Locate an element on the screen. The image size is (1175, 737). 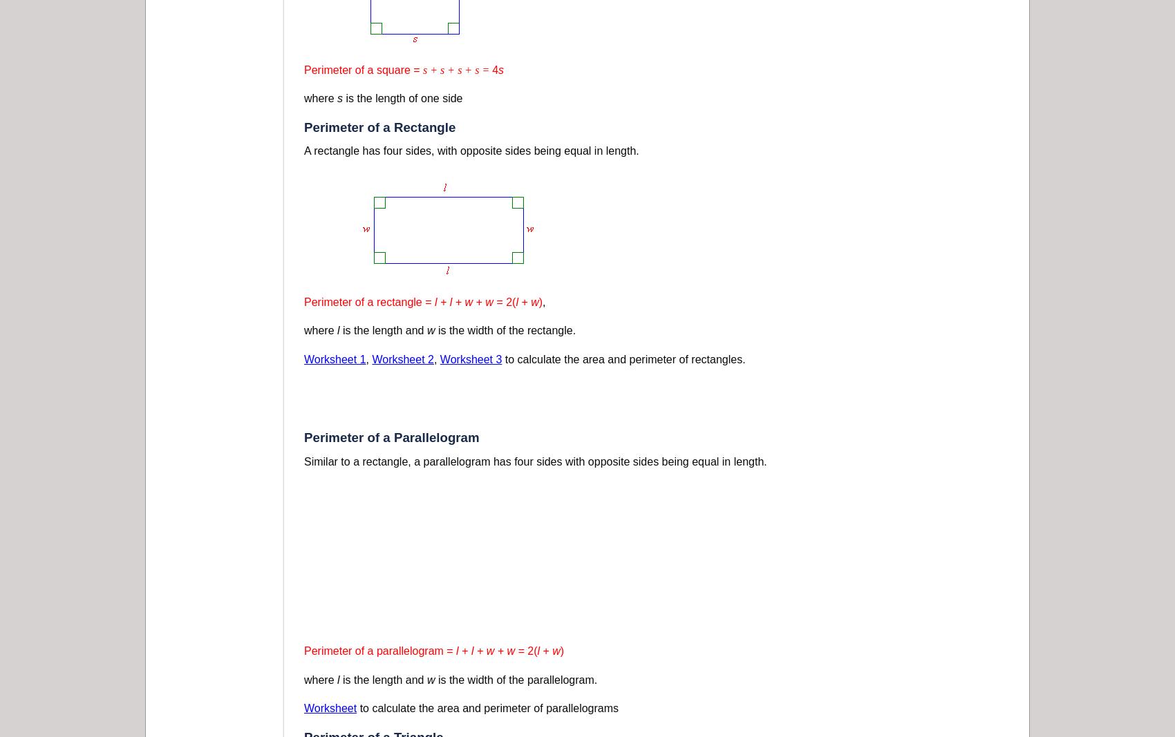
'Worksheet' is located at coordinates (330, 708).